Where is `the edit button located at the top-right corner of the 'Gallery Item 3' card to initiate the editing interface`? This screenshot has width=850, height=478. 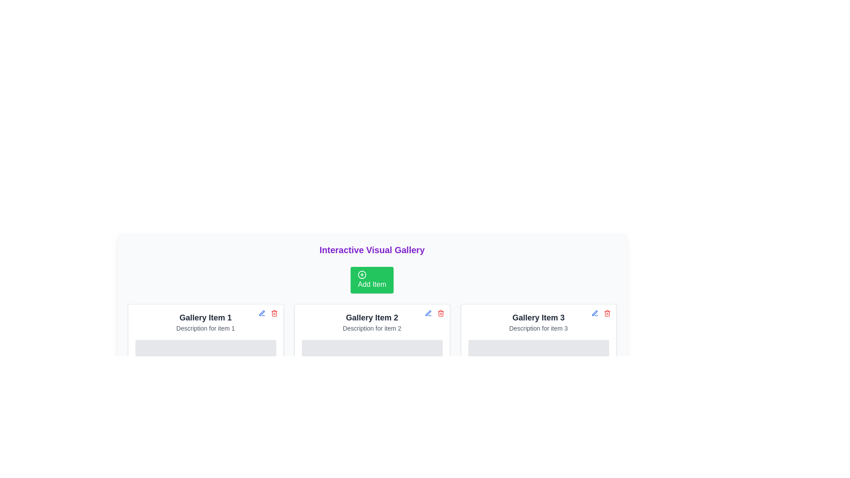 the edit button located at the top-right corner of the 'Gallery Item 3' card to initiate the editing interface is located at coordinates (595, 313).